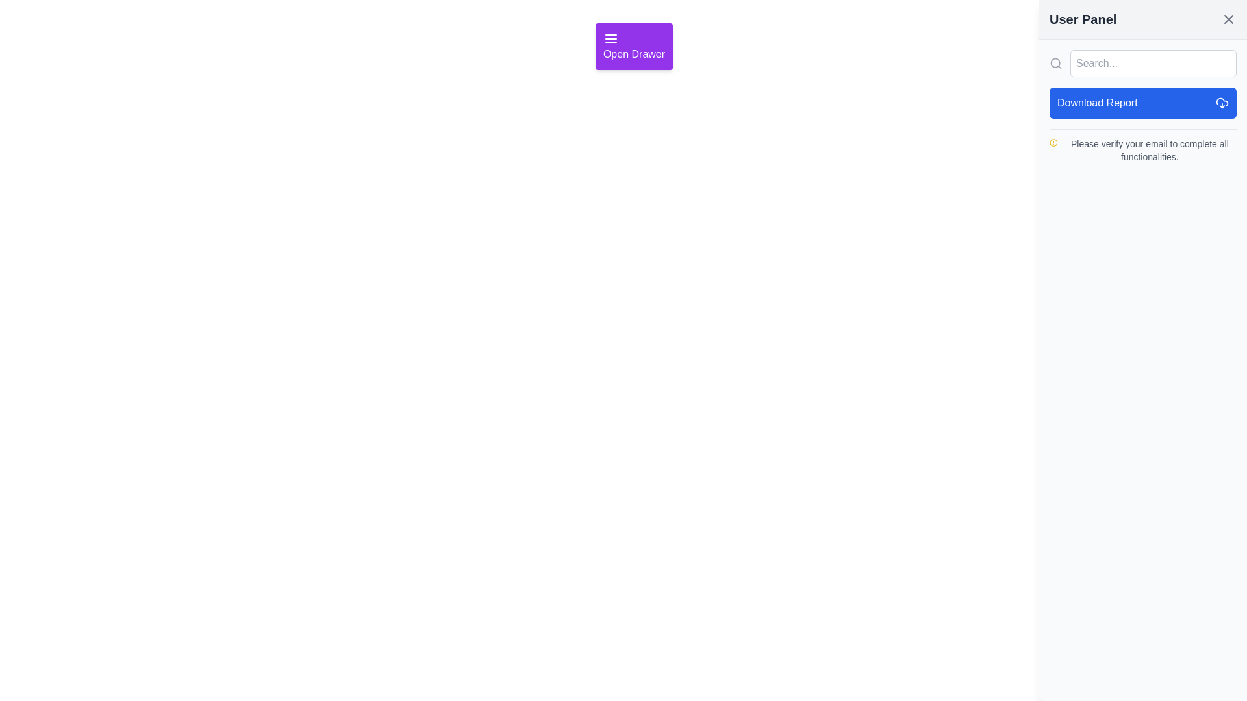  I want to click on the rectangular button with a purple background labeled 'Open Drawer', so click(634, 46).